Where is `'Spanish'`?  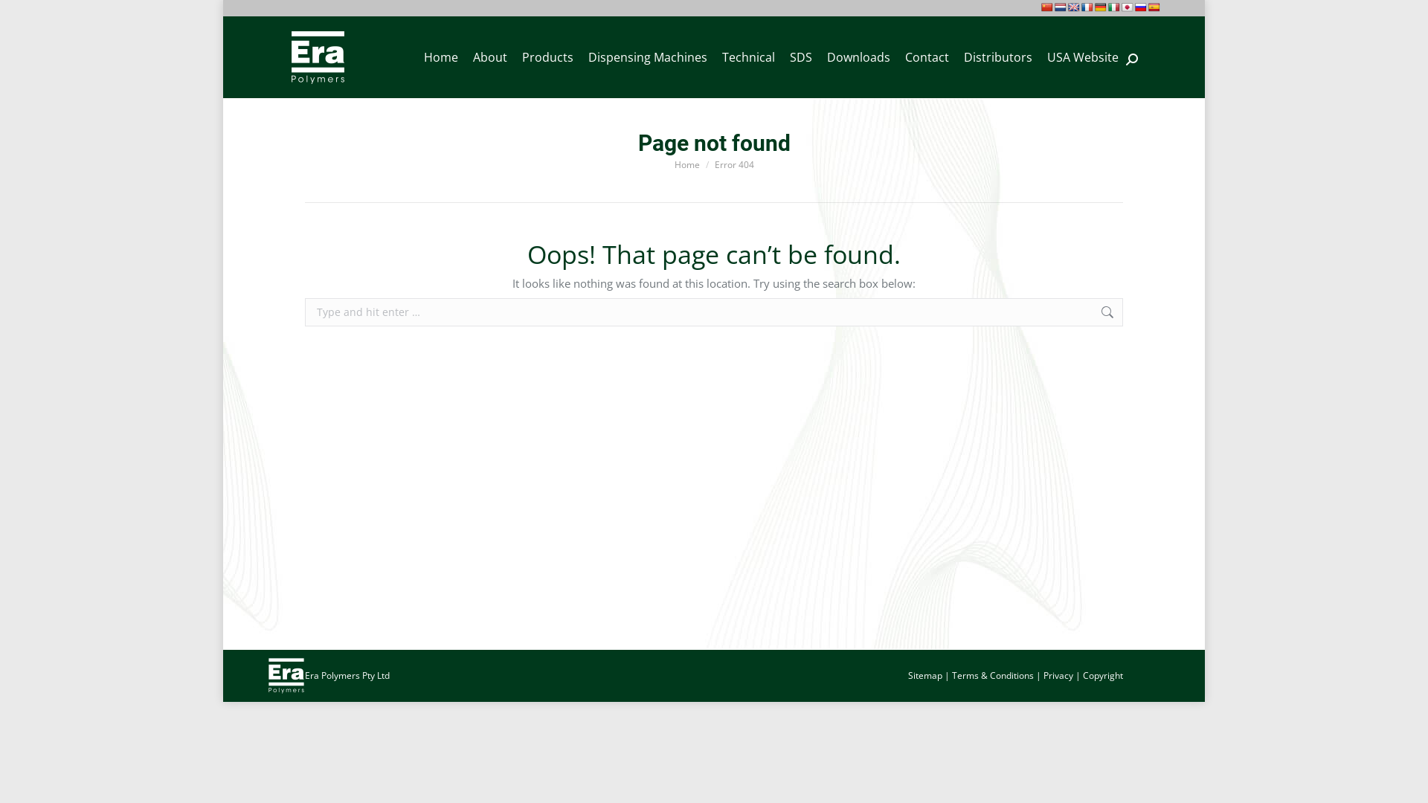
'Spanish' is located at coordinates (1153, 7).